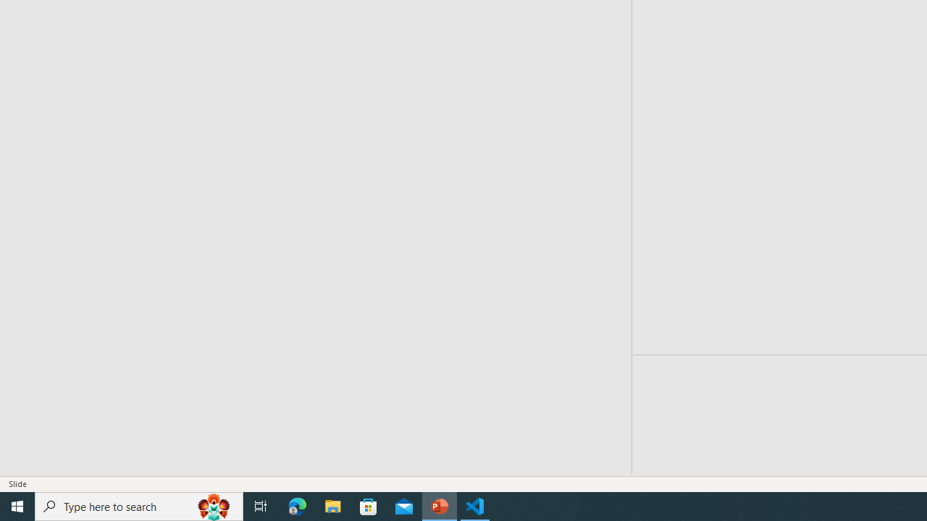  I want to click on 'Microsoft Store', so click(369, 505).